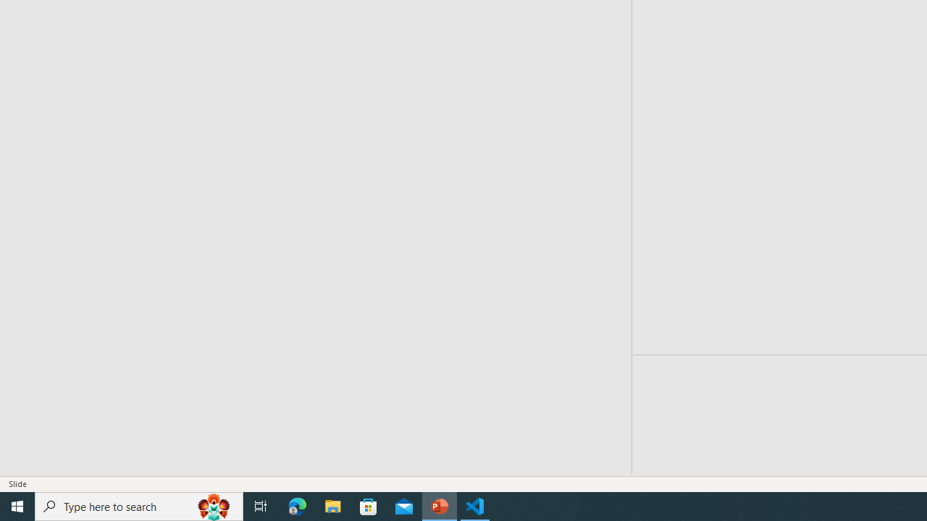  I want to click on 'Microsoft Store', so click(369, 505).